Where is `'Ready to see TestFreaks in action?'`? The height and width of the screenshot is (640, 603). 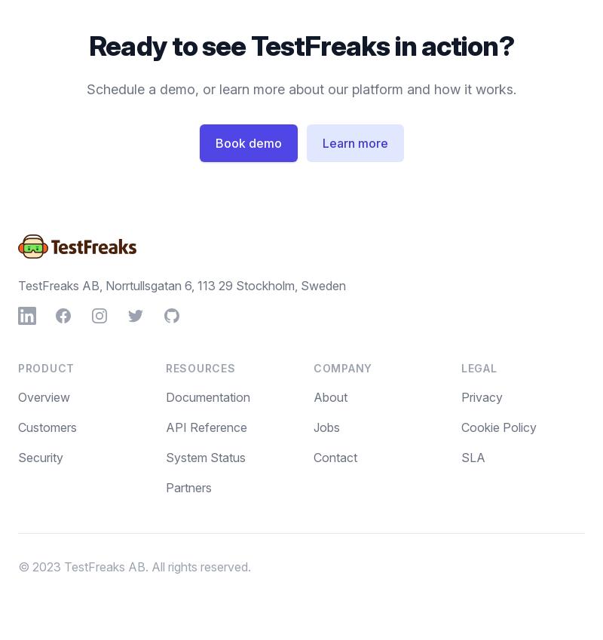
'Ready to see TestFreaks in action?' is located at coordinates (88, 45).